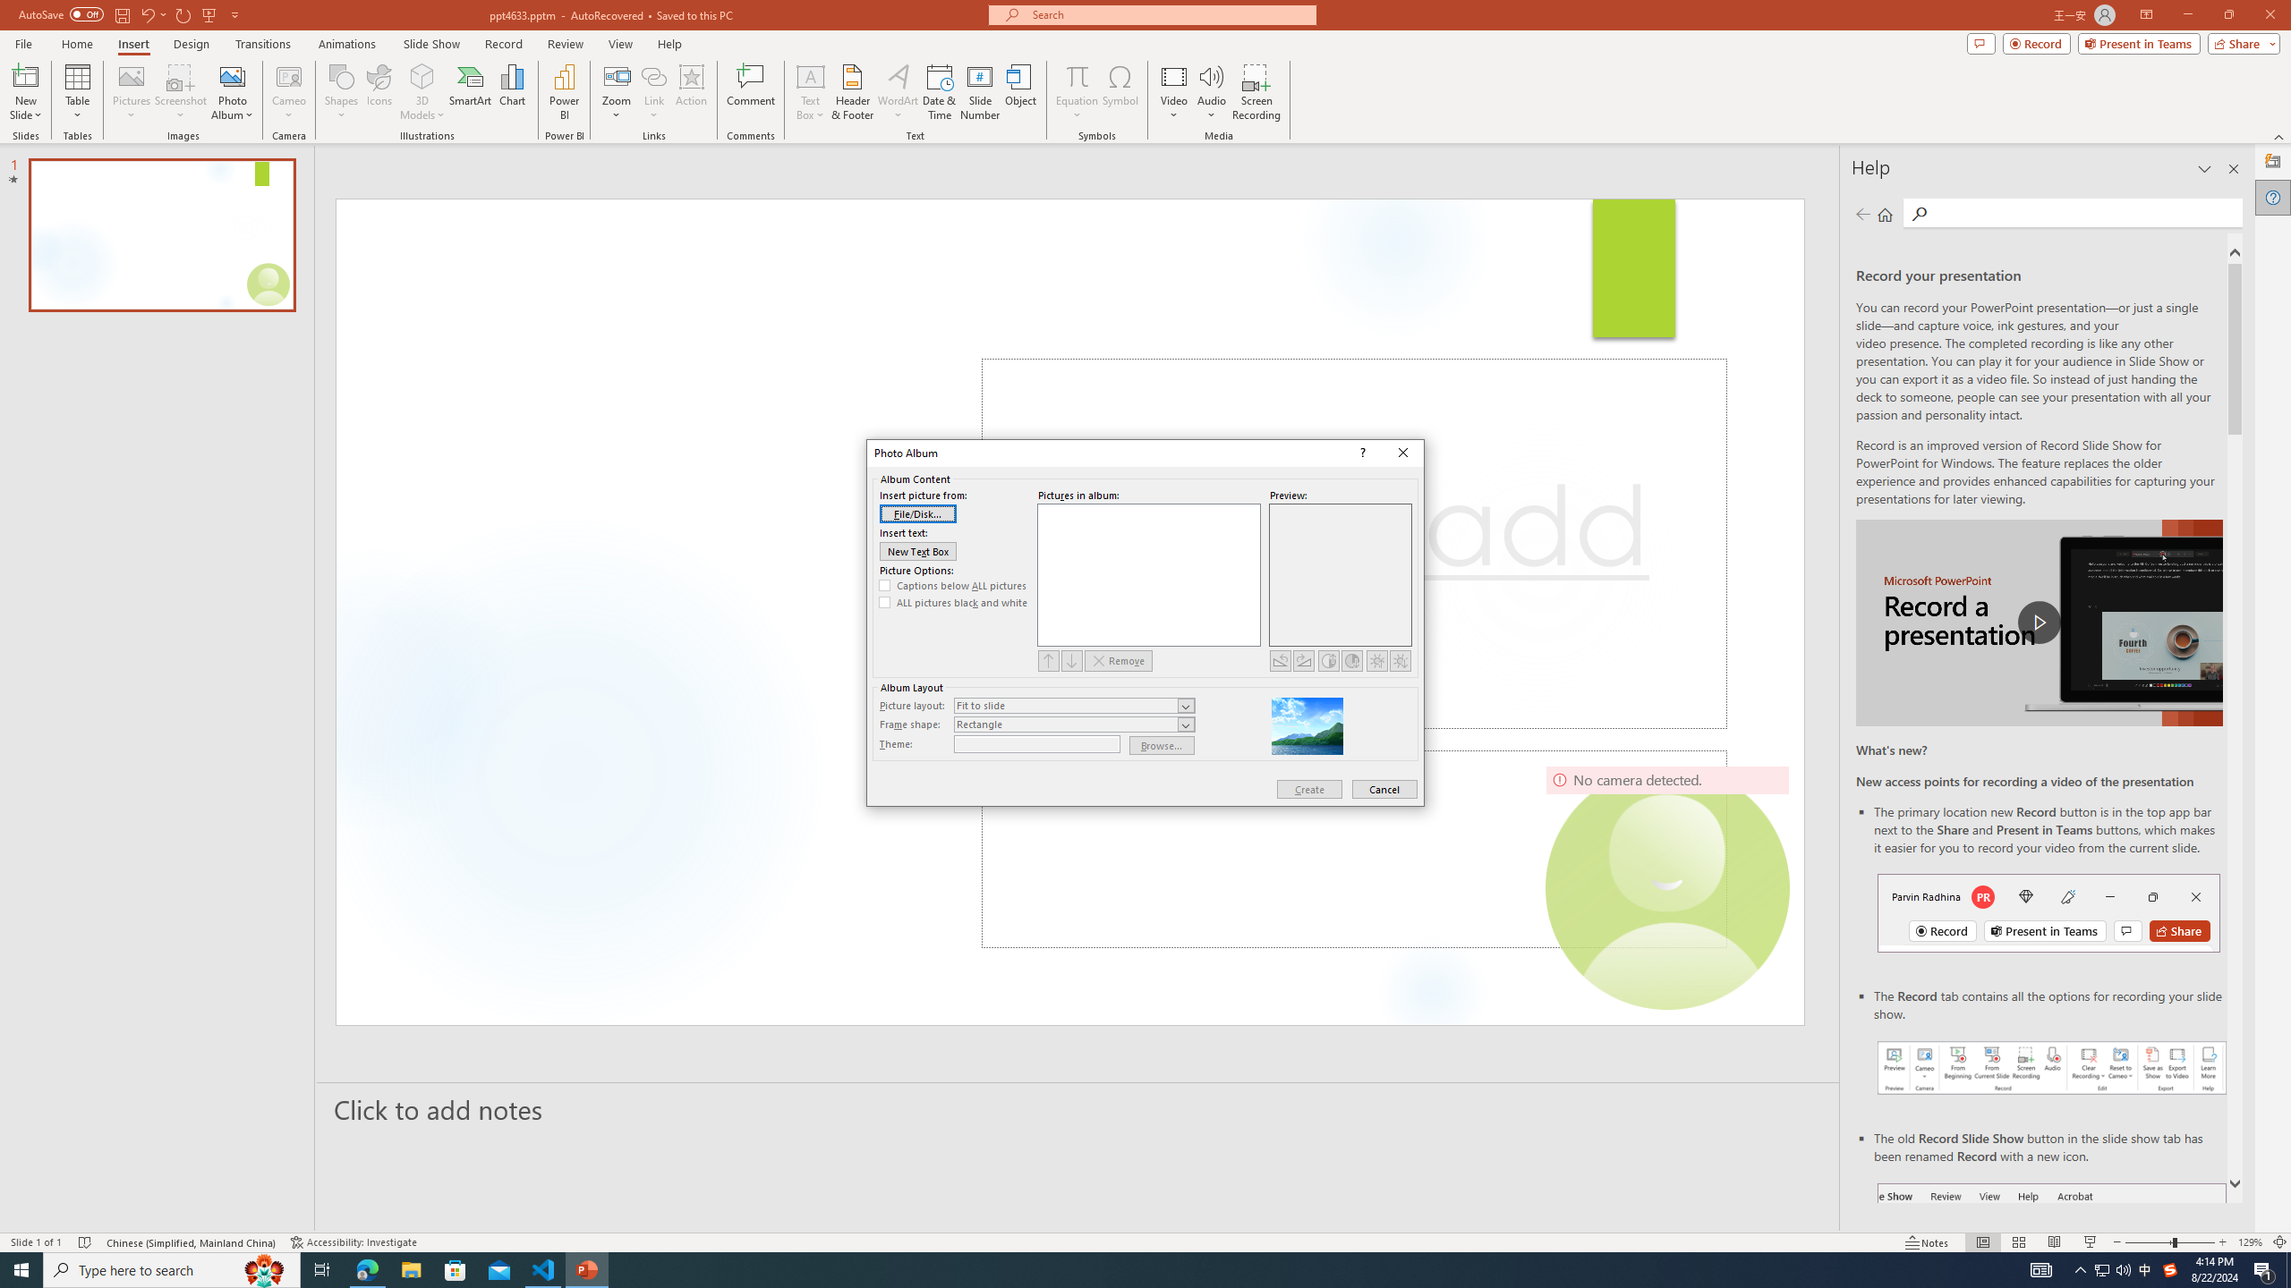  Describe the element at coordinates (422, 92) in the screenshot. I see `'3D Models'` at that location.